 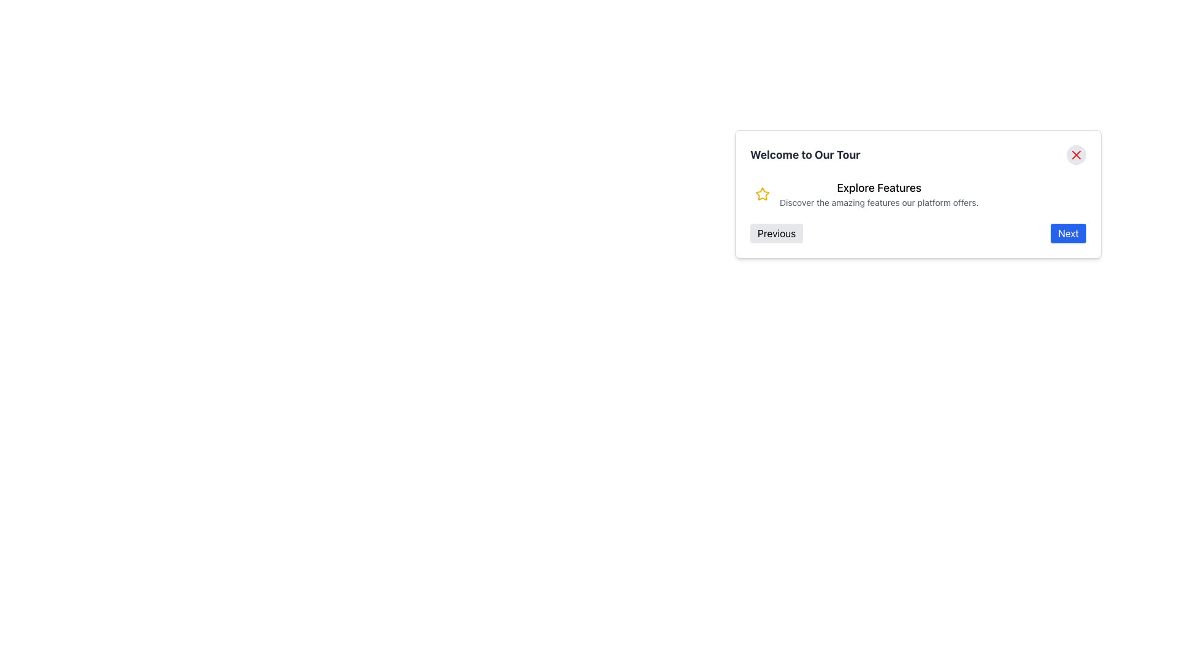 What do you see at coordinates (878, 202) in the screenshot?
I see `the text label that reads 'Discover the amazing features our platform offers.', which is styled with a smaller font size and gray color, located directly underneath the bolded title 'Explore Features'` at bounding box center [878, 202].